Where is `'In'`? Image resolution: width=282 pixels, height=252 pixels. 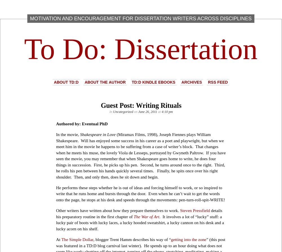
'In' is located at coordinates (111, 112).